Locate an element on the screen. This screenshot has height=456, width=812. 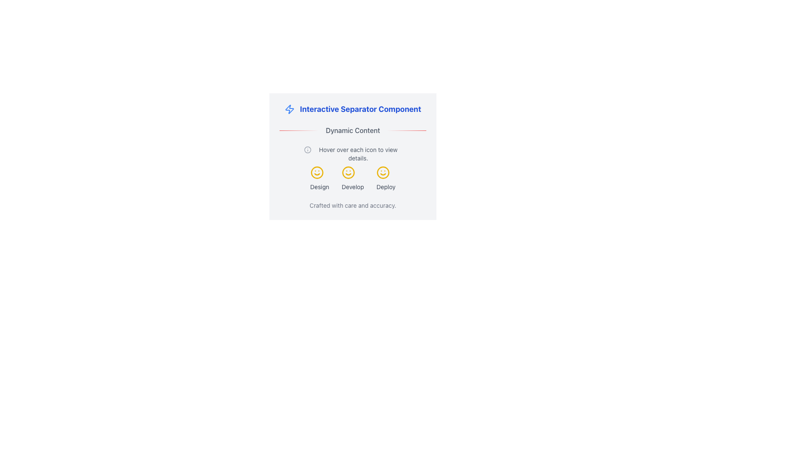
the 'Deploy' text label, which is styled in gray and located below a yellow smiley face icon, positioned in the bottom-right corner of the layout is located at coordinates (385, 187).